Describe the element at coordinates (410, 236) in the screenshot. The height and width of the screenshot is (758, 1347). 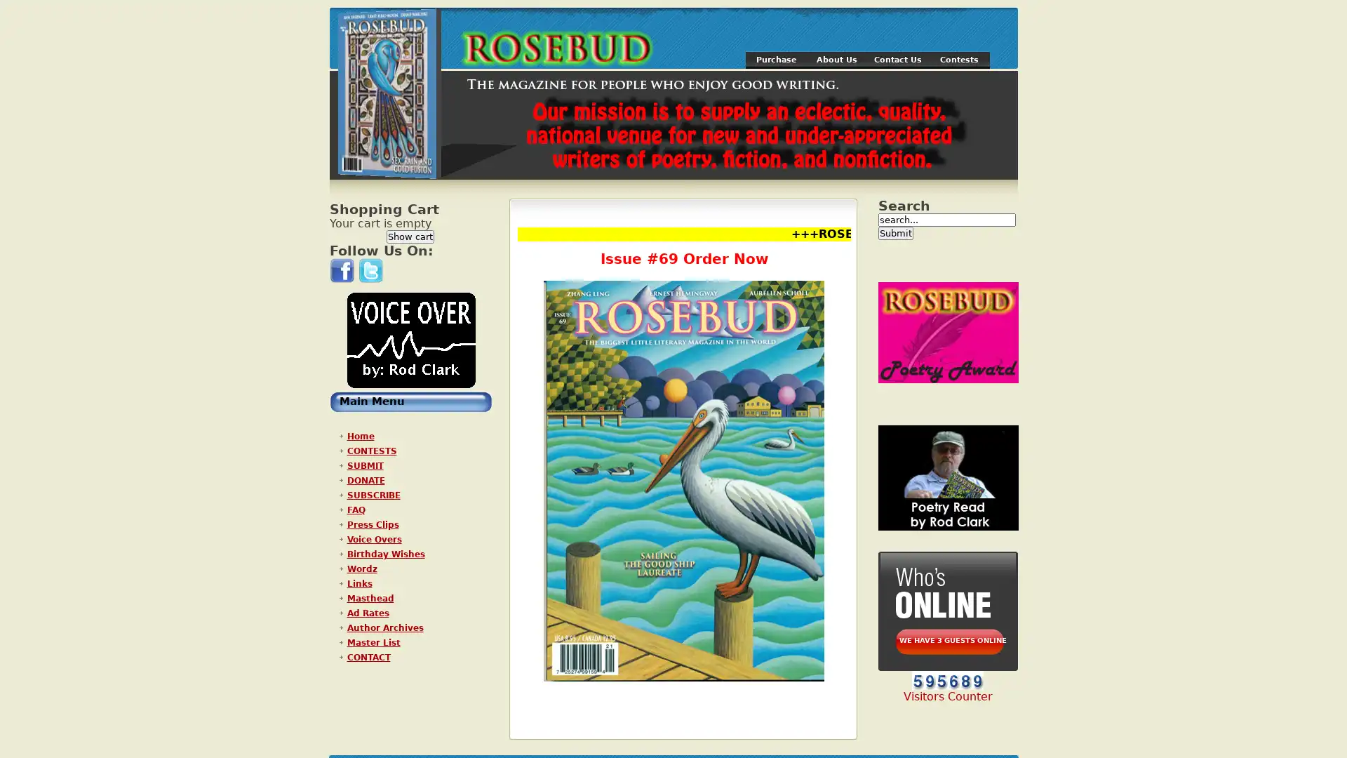
I see `Show cart` at that location.